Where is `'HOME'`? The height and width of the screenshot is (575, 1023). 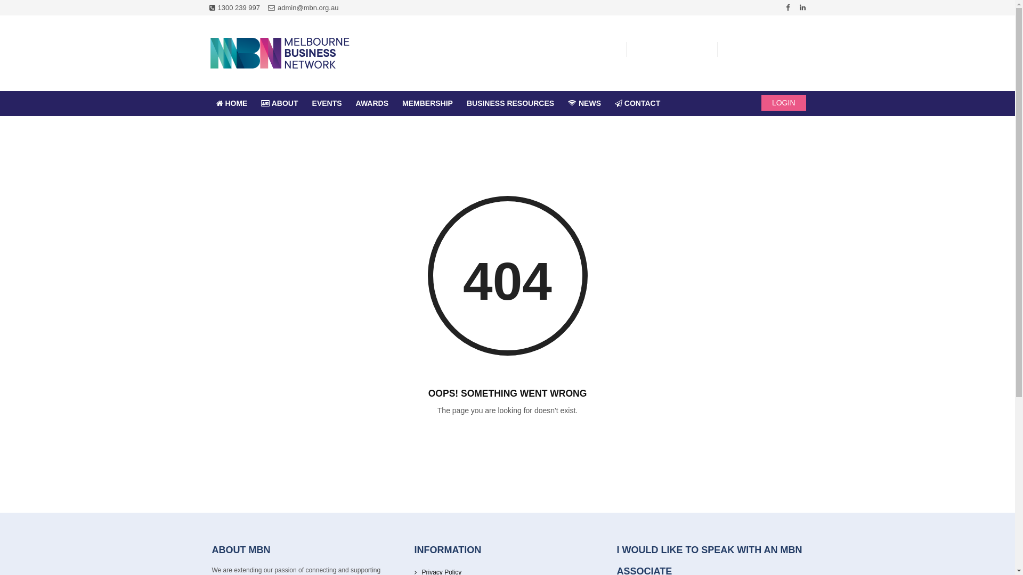
'HOME' is located at coordinates (231, 103).